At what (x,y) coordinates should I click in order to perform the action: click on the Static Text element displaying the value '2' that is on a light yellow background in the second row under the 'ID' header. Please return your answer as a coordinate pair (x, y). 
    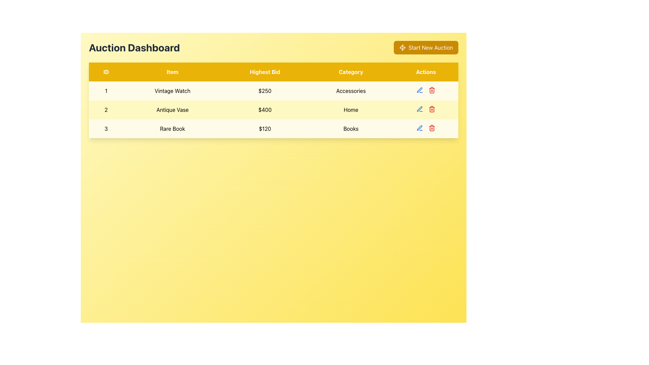
    Looking at the image, I should click on (106, 109).